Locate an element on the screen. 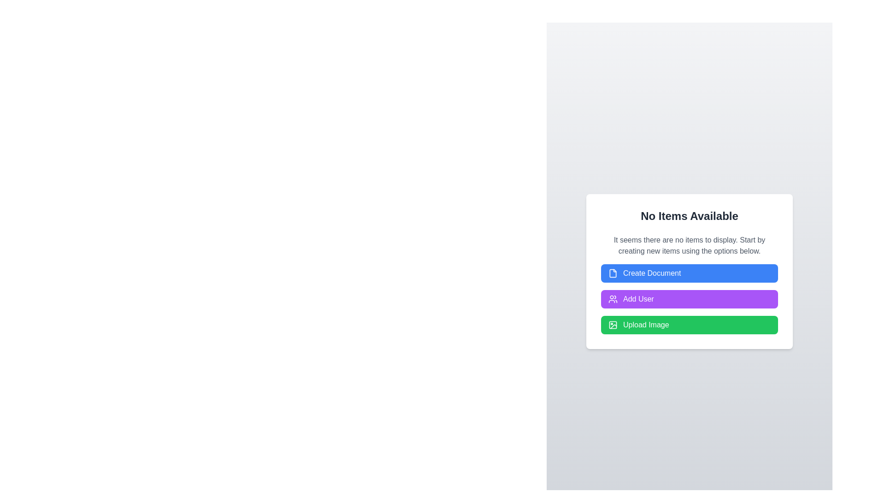  the icon with a square shape and rounded corners, featuring a circle and a line, which is styled with a green background and positioned to the left of the 'Upload Image' text is located at coordinates (613, 325).